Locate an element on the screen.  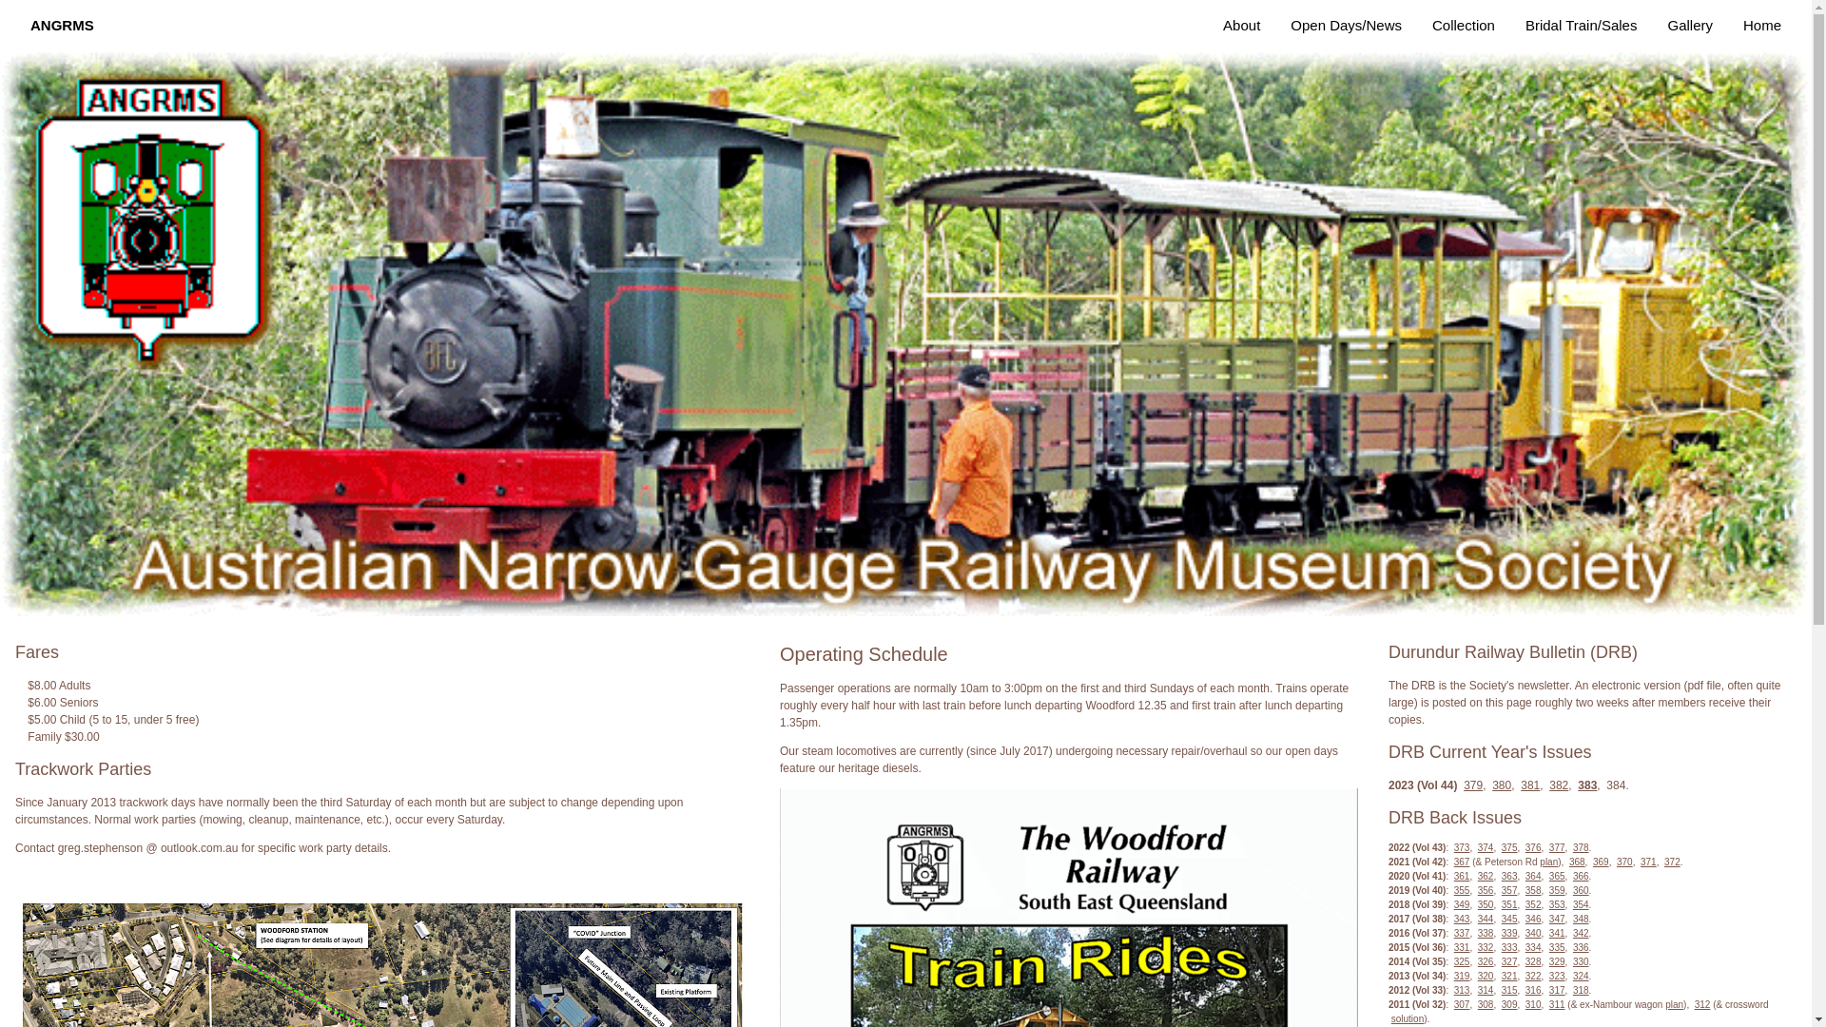
'352' is located at coordinates (1533, 903).